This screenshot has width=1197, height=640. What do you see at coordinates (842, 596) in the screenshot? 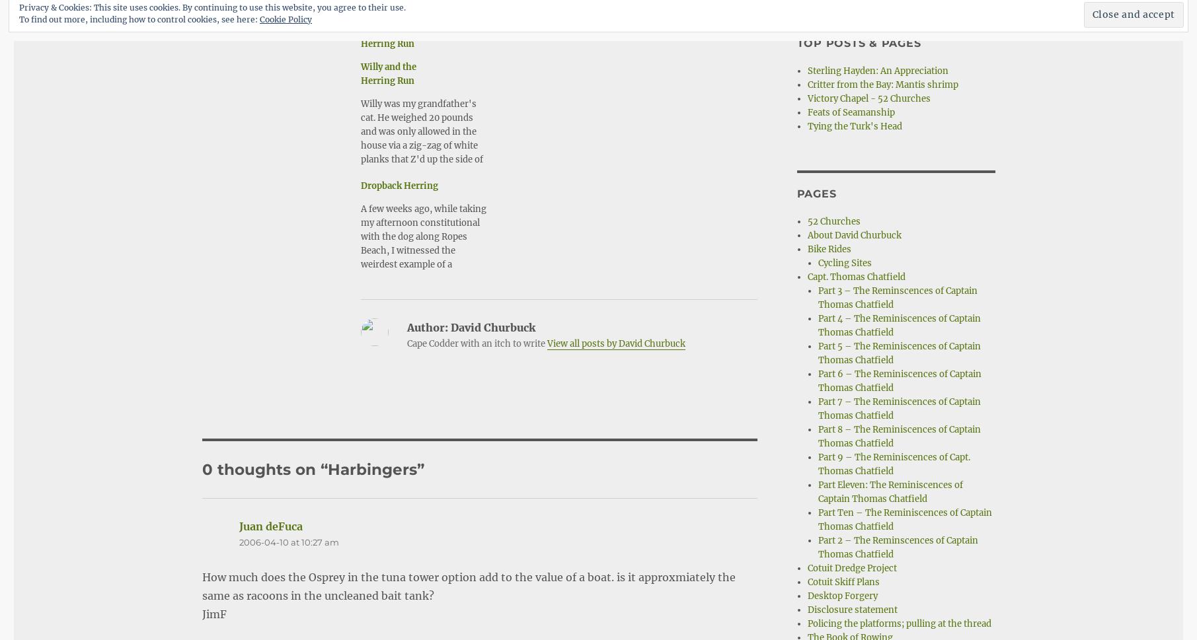
I see `'Desktop Forgery'` at bounding box center [842, 596].